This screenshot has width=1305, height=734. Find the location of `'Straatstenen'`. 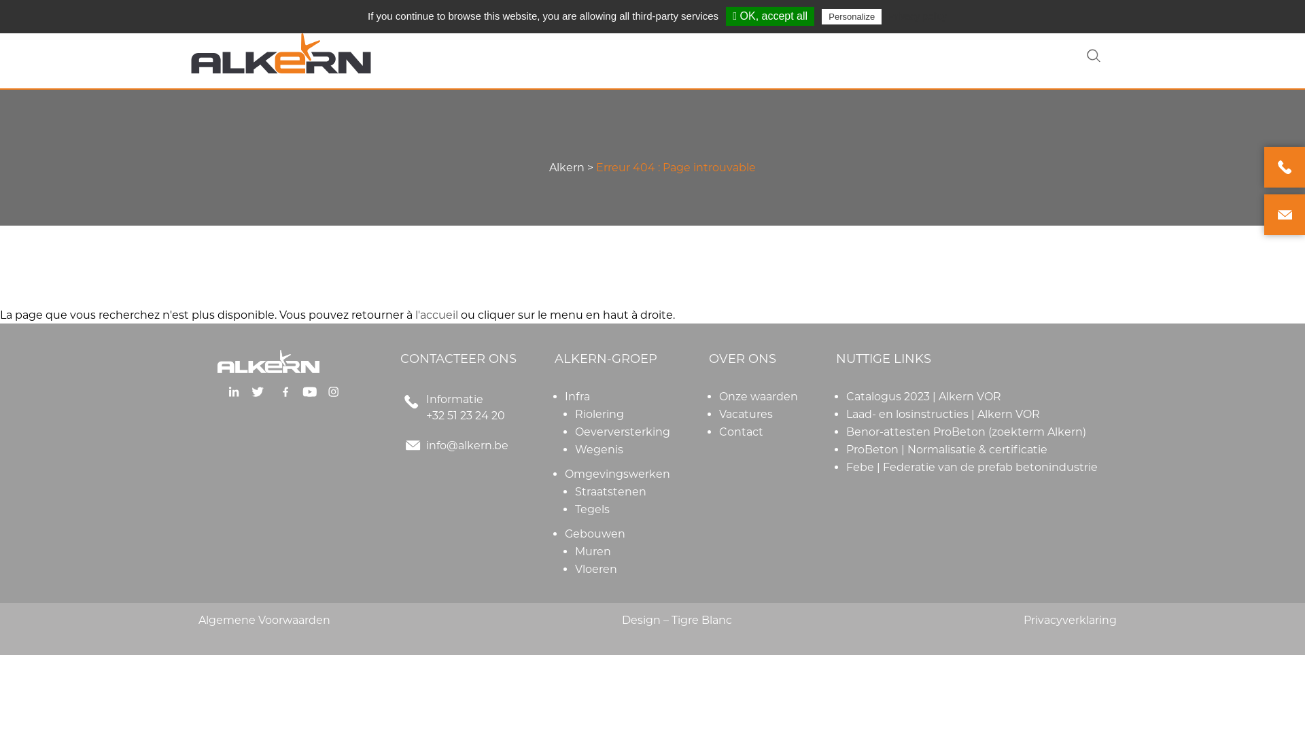

'Straatstenen' is located at coordinates (574, 491).